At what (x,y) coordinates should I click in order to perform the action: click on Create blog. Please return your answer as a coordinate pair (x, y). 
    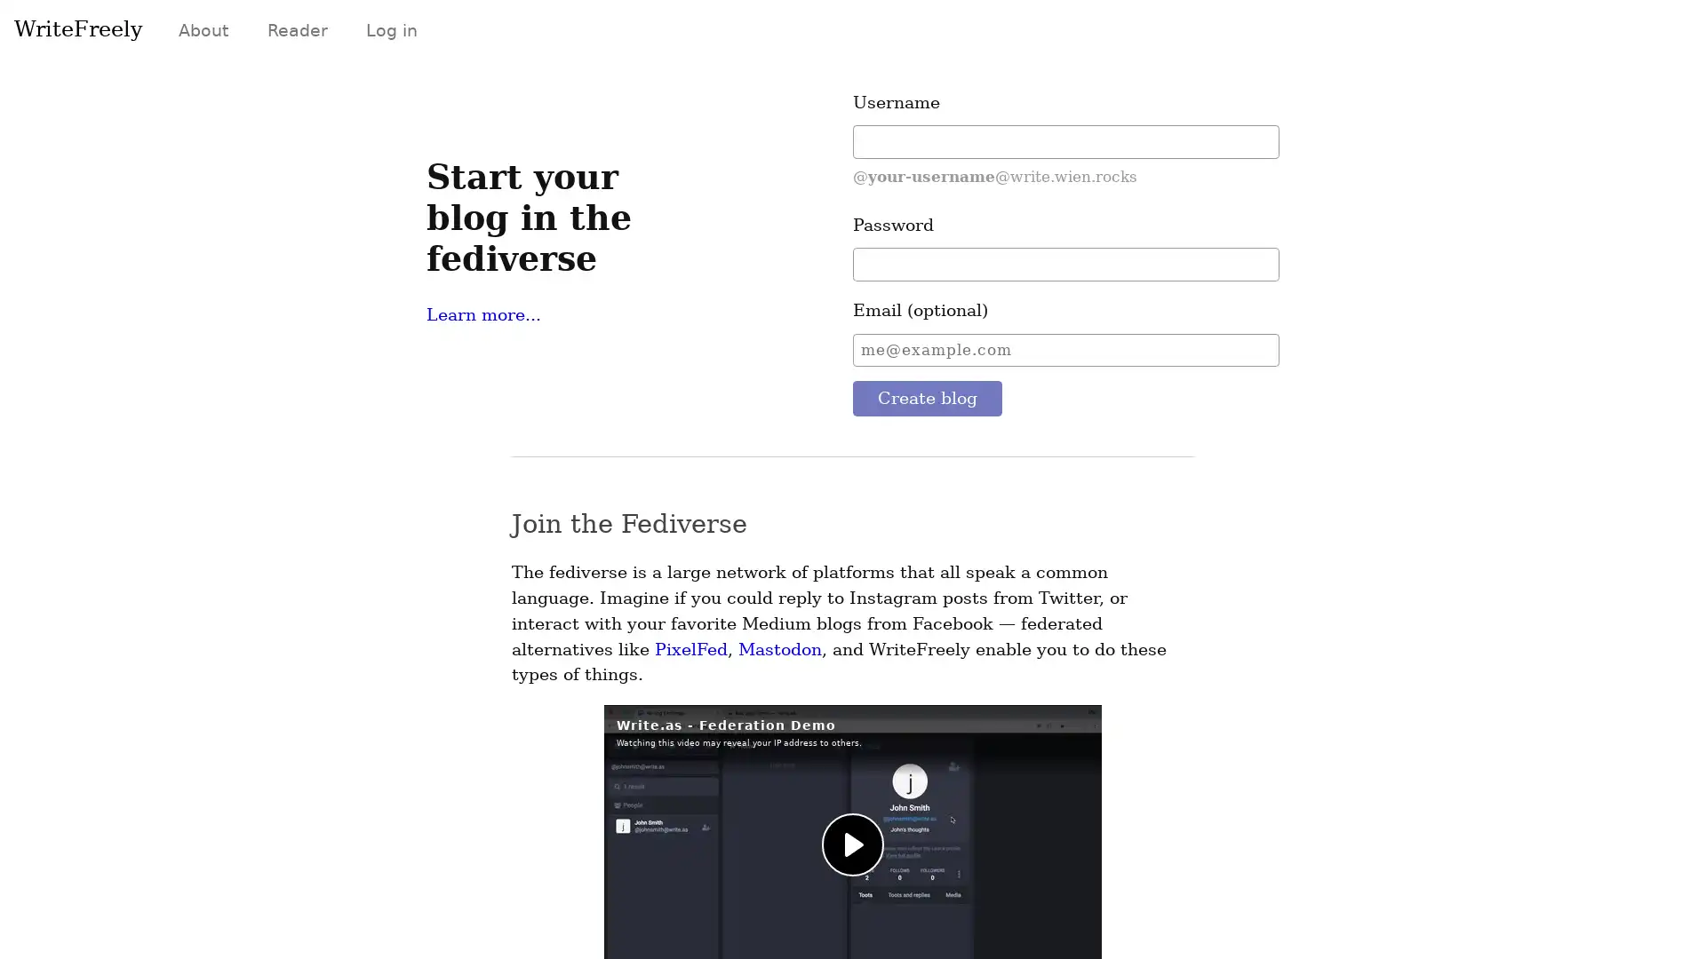
    Looking at the image, I should click on (927, 400).